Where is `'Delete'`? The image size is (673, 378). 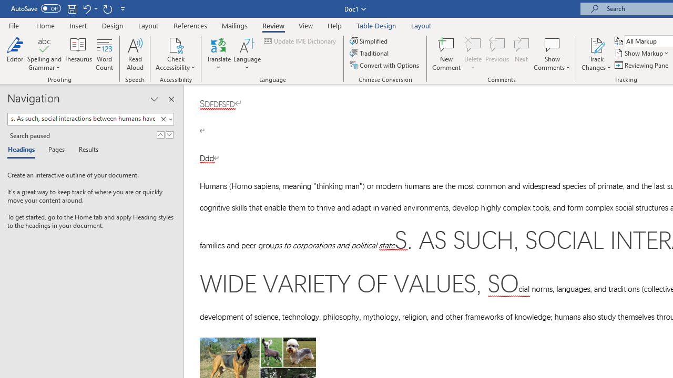 'Delete' is located at coordinates (473, 54).